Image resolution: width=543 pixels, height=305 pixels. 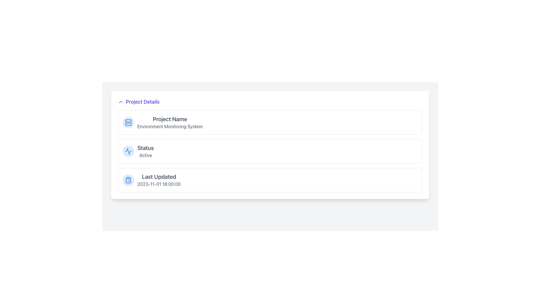 What do you see at coordinates (128, 151) in the screenshot?
I see `the circular icon with a light blue background and blue waveform design, located in the 'Status' section to the left of the texts 'Status' and 'Active'` at bounding box center [128, 151].